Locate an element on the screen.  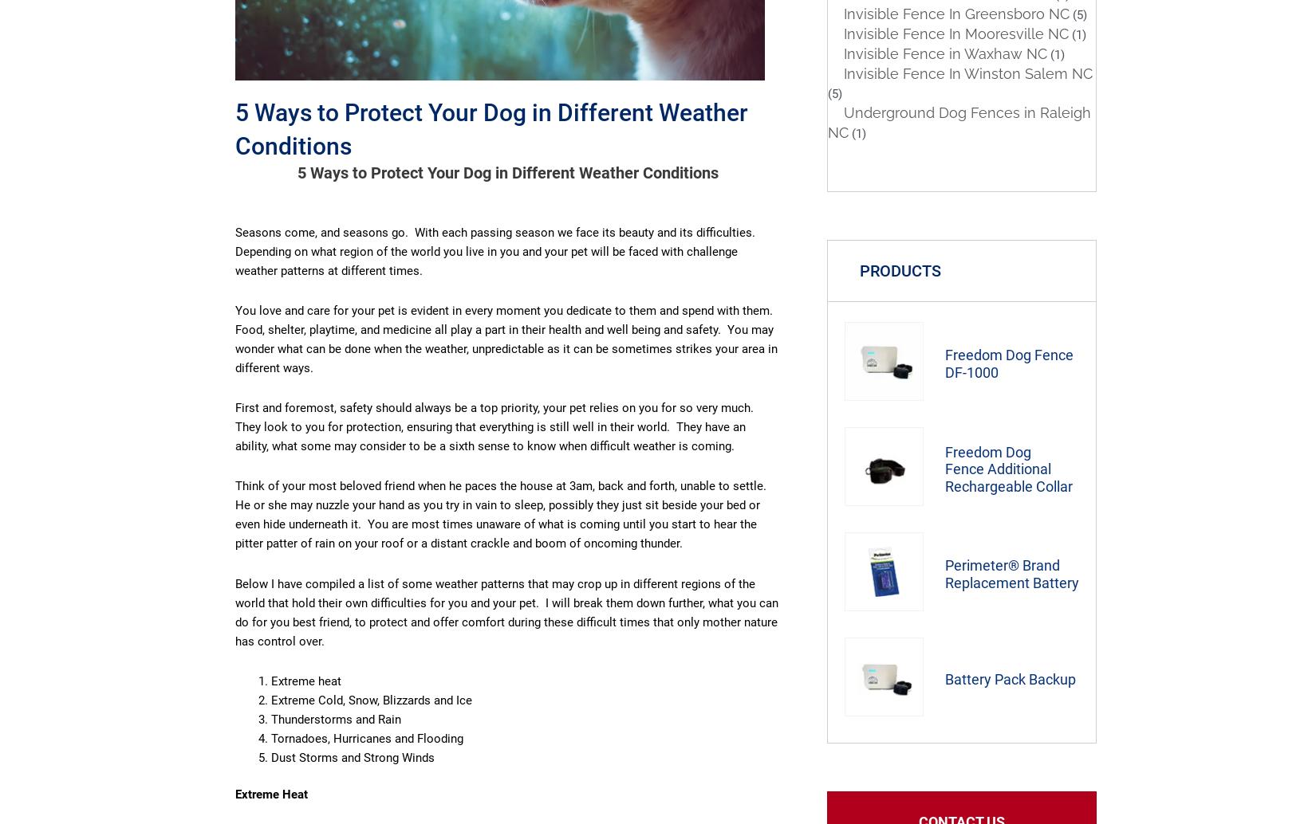
'Underground Dog Fences in Raleigh NC' is located at coordinates (959, 122).